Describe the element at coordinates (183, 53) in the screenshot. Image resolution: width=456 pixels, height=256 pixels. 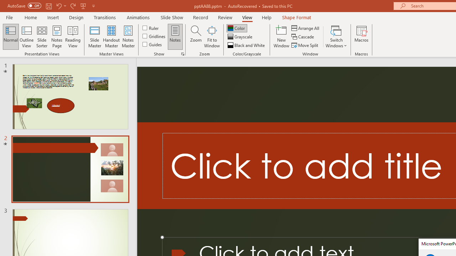
I see `'Grid Settings...'` at that location.